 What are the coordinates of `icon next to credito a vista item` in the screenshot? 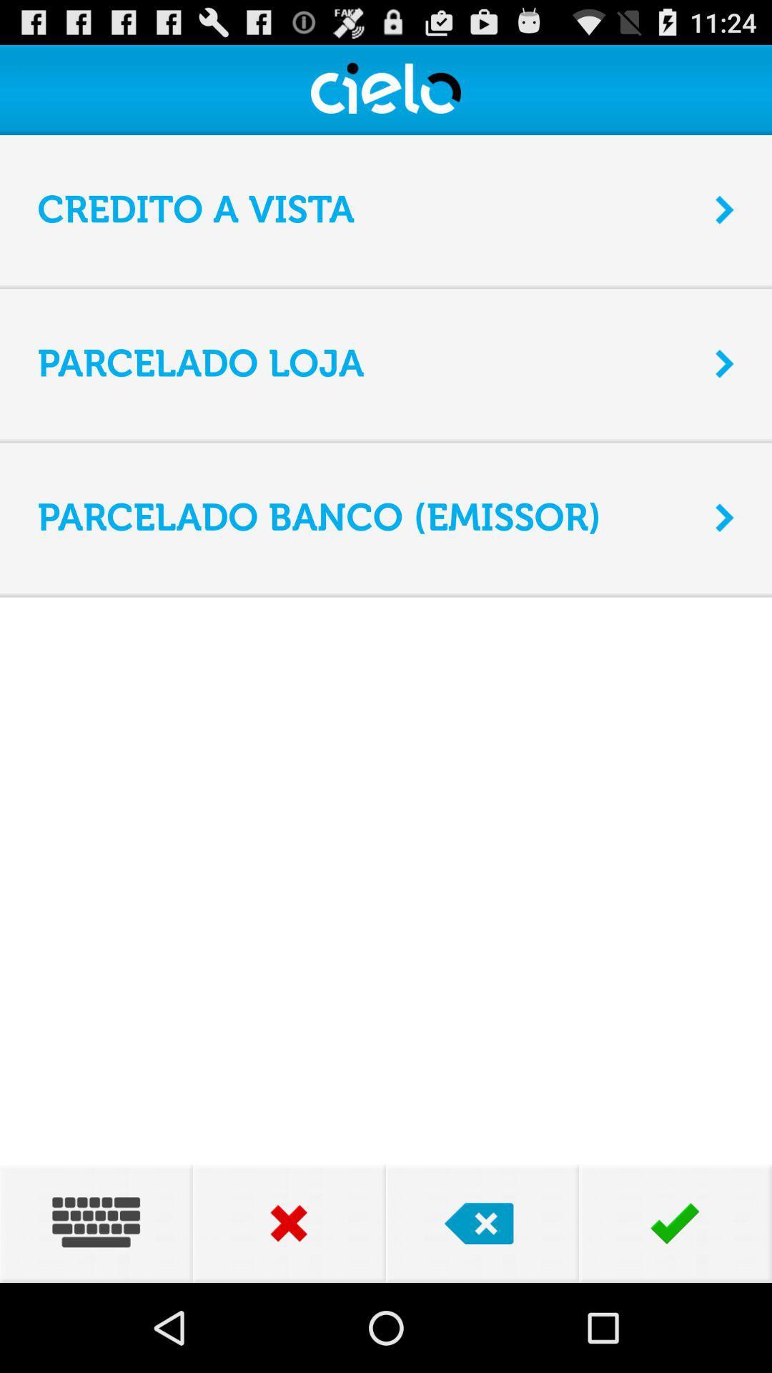 It's located at (725, 209).